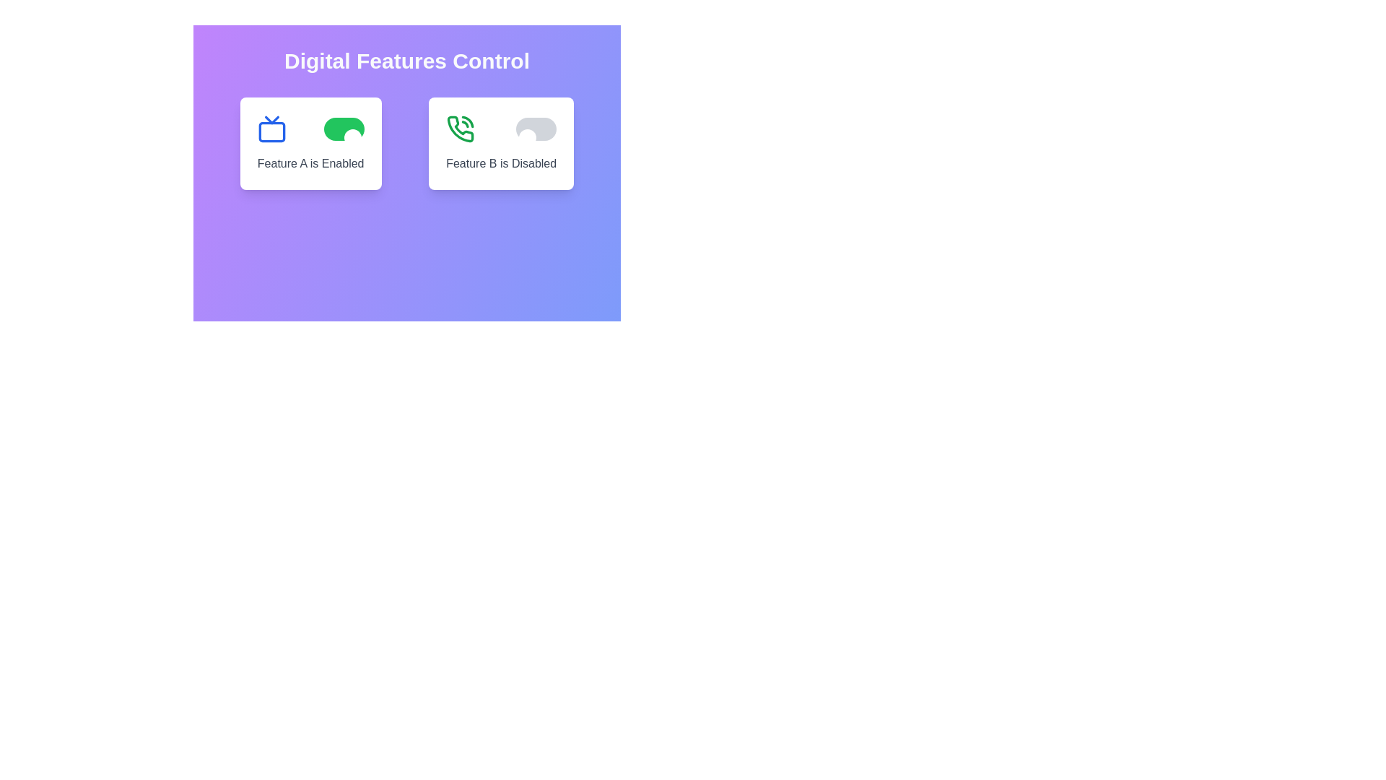 The width and height of the screenshot is (1386, 780). What do you see at coordinates (406, 60) in the screenshot?
I see `the interface context by clicking on the header text 'Digital Features Control', which is styled in bold, large white font and centered at the top of the interface` at bounding box center [406, 60].